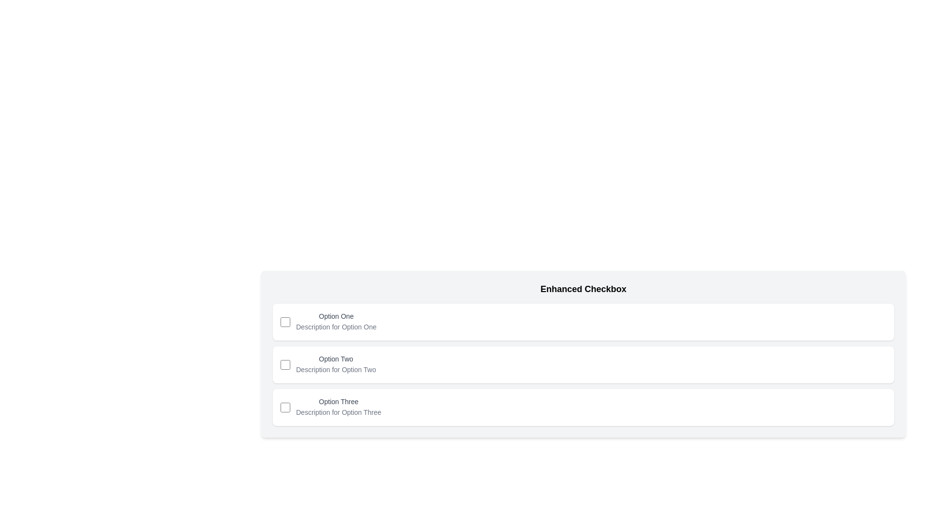 This screenshot has width=932, height=524. What do you see at coordinates (285, 322) in the screenshot?
I see `the checkbox with a blue outline located to the left of the text 'Option One'` at bounding box center [285, 322].